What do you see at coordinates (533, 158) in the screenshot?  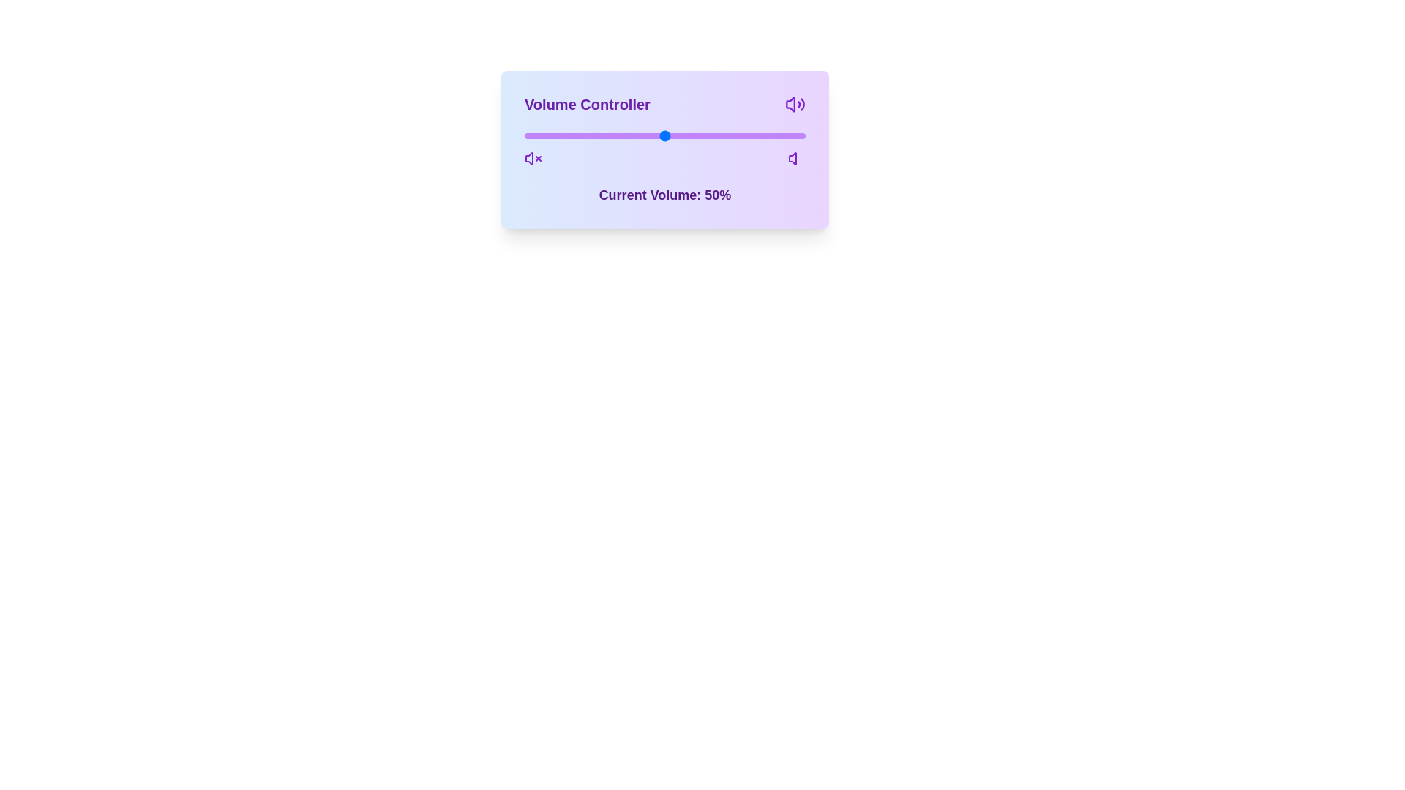 I see `the mute icon to toggle the mute state` at bounding box center [533, 158].